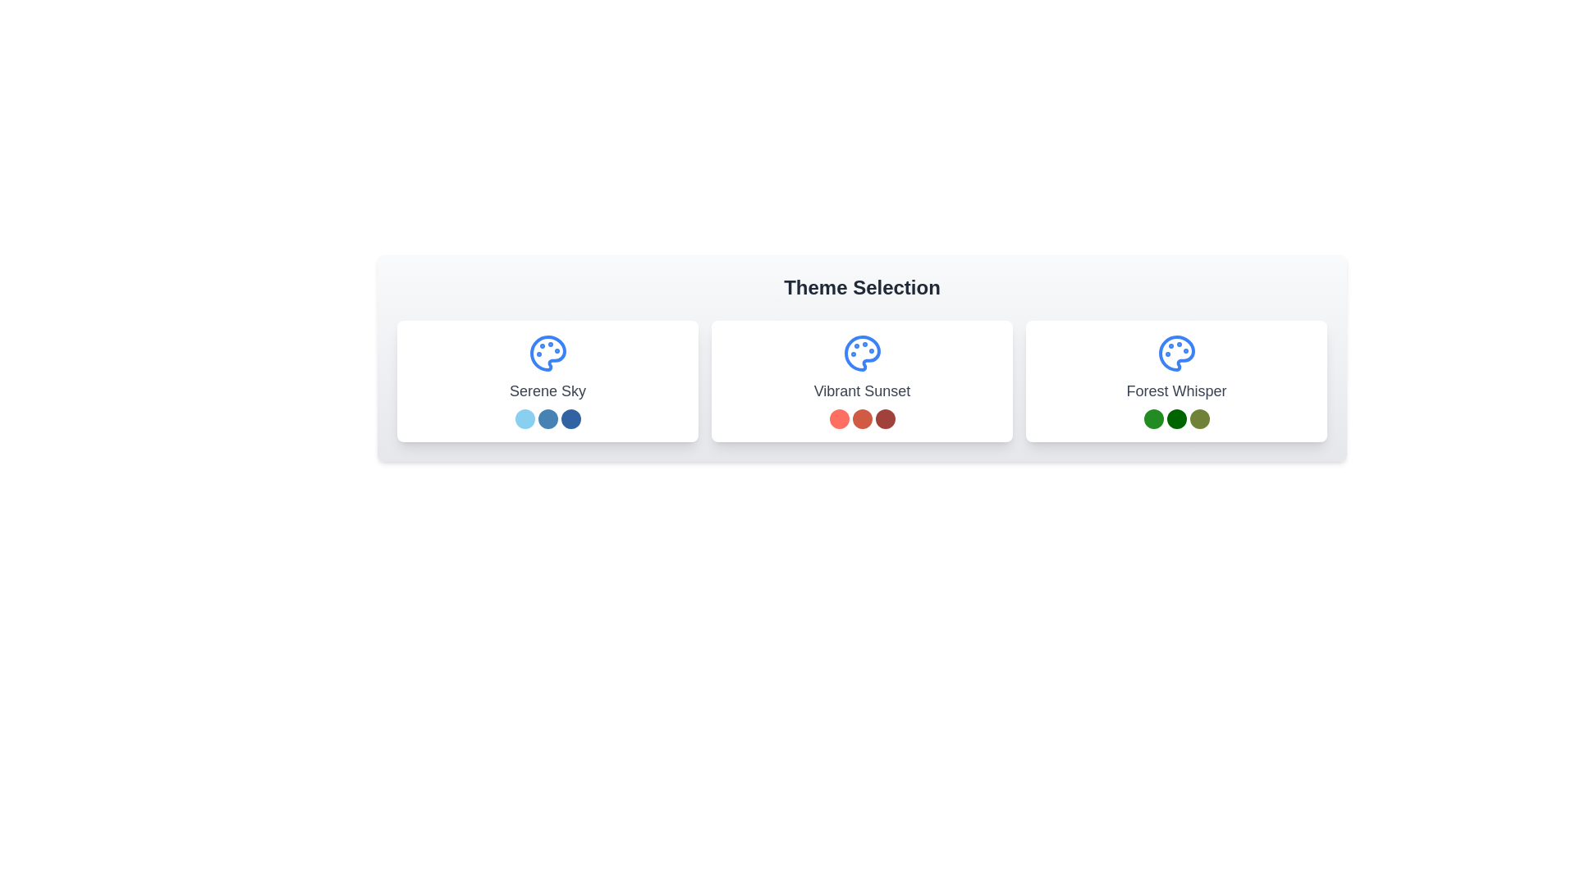  What do you see at coordinates (570, 418) in the screenshot?
I see `the third dark blue selectable color indicator circle located below the 'Serene Sky' label` at bounding box center [570, 418].